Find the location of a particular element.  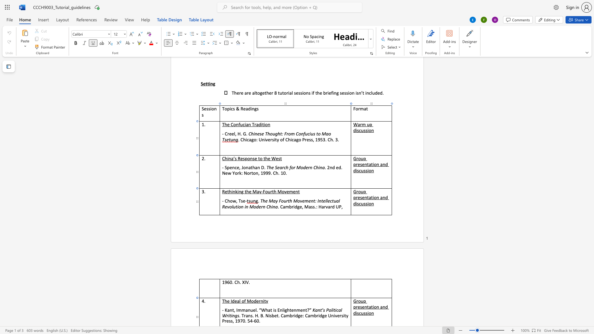

the space between the continuous character "I" and "m" in the text is located at coordinates (238, 310).